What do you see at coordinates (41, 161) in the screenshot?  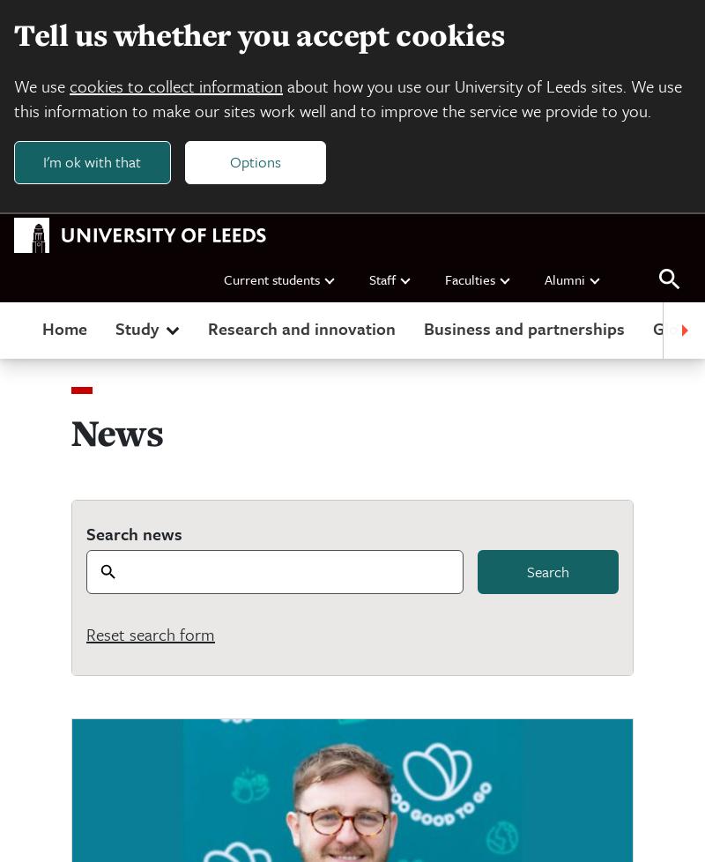 I see `'I'm ok with that'` at bounding box center [41, 161].